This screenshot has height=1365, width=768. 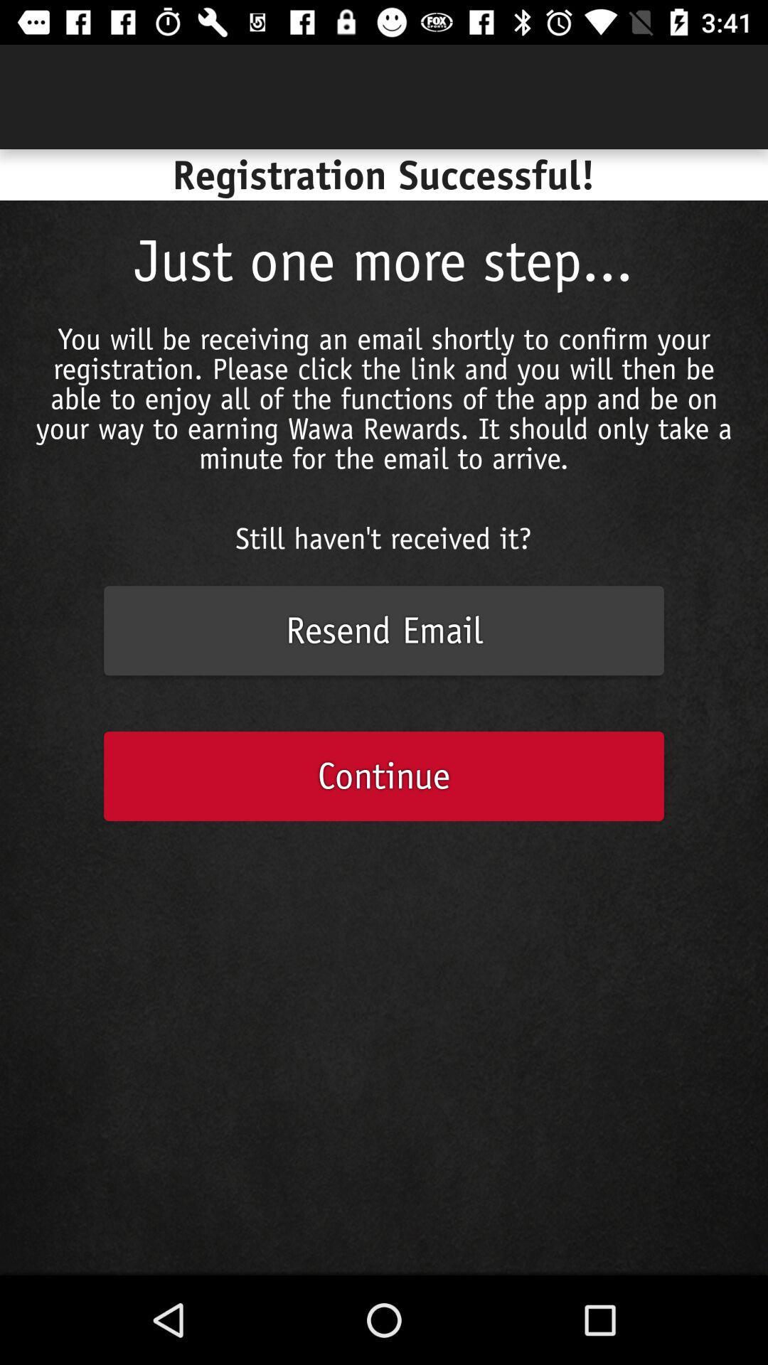 I want to click on icon below resend email icon, so click(x=384, y=775).